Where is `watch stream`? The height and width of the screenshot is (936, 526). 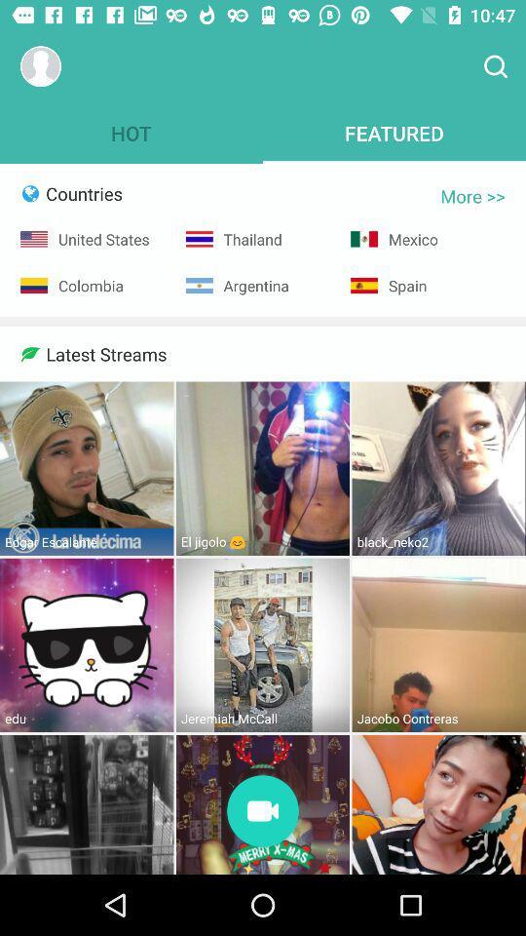 watch stream is located at coordinates (263, 812).